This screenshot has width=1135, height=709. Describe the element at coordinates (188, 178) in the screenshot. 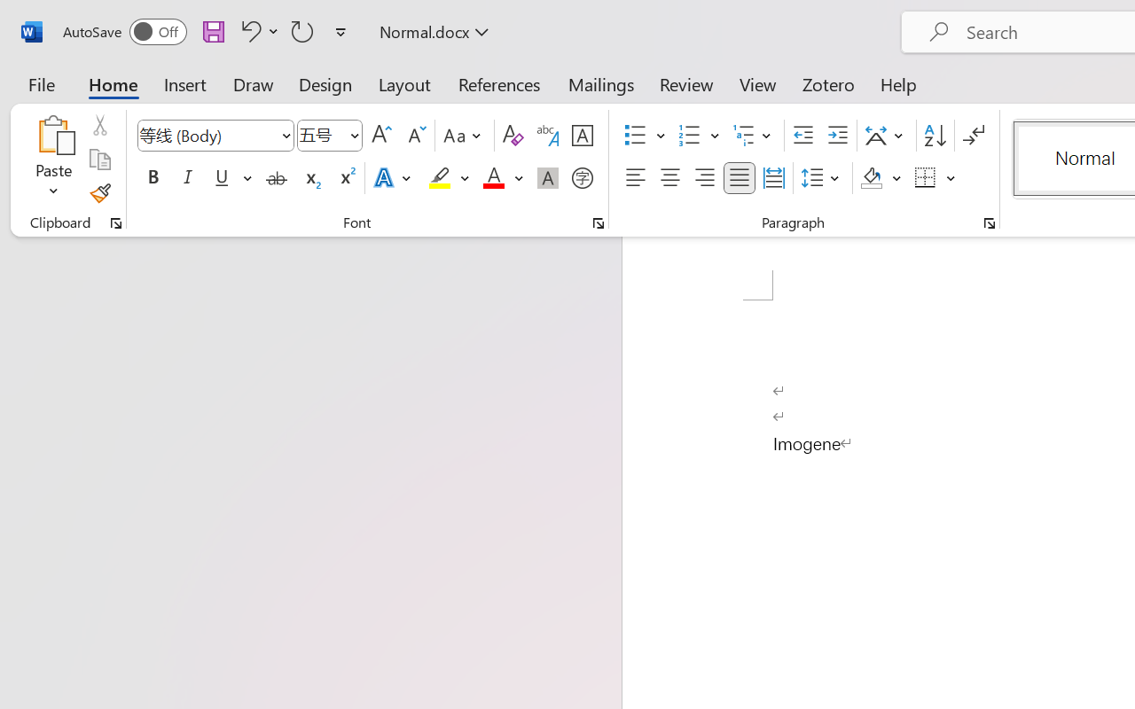

I see `'Italic'` at that location.